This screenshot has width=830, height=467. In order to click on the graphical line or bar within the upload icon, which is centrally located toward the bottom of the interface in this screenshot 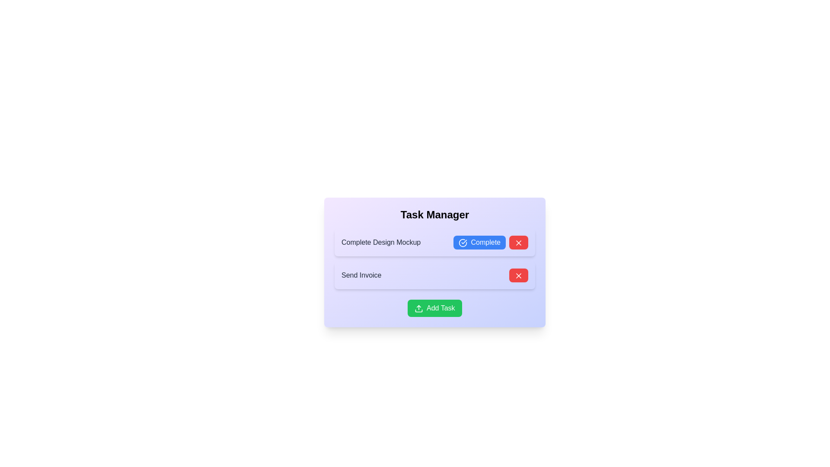, I will do `click(419, 310)`.